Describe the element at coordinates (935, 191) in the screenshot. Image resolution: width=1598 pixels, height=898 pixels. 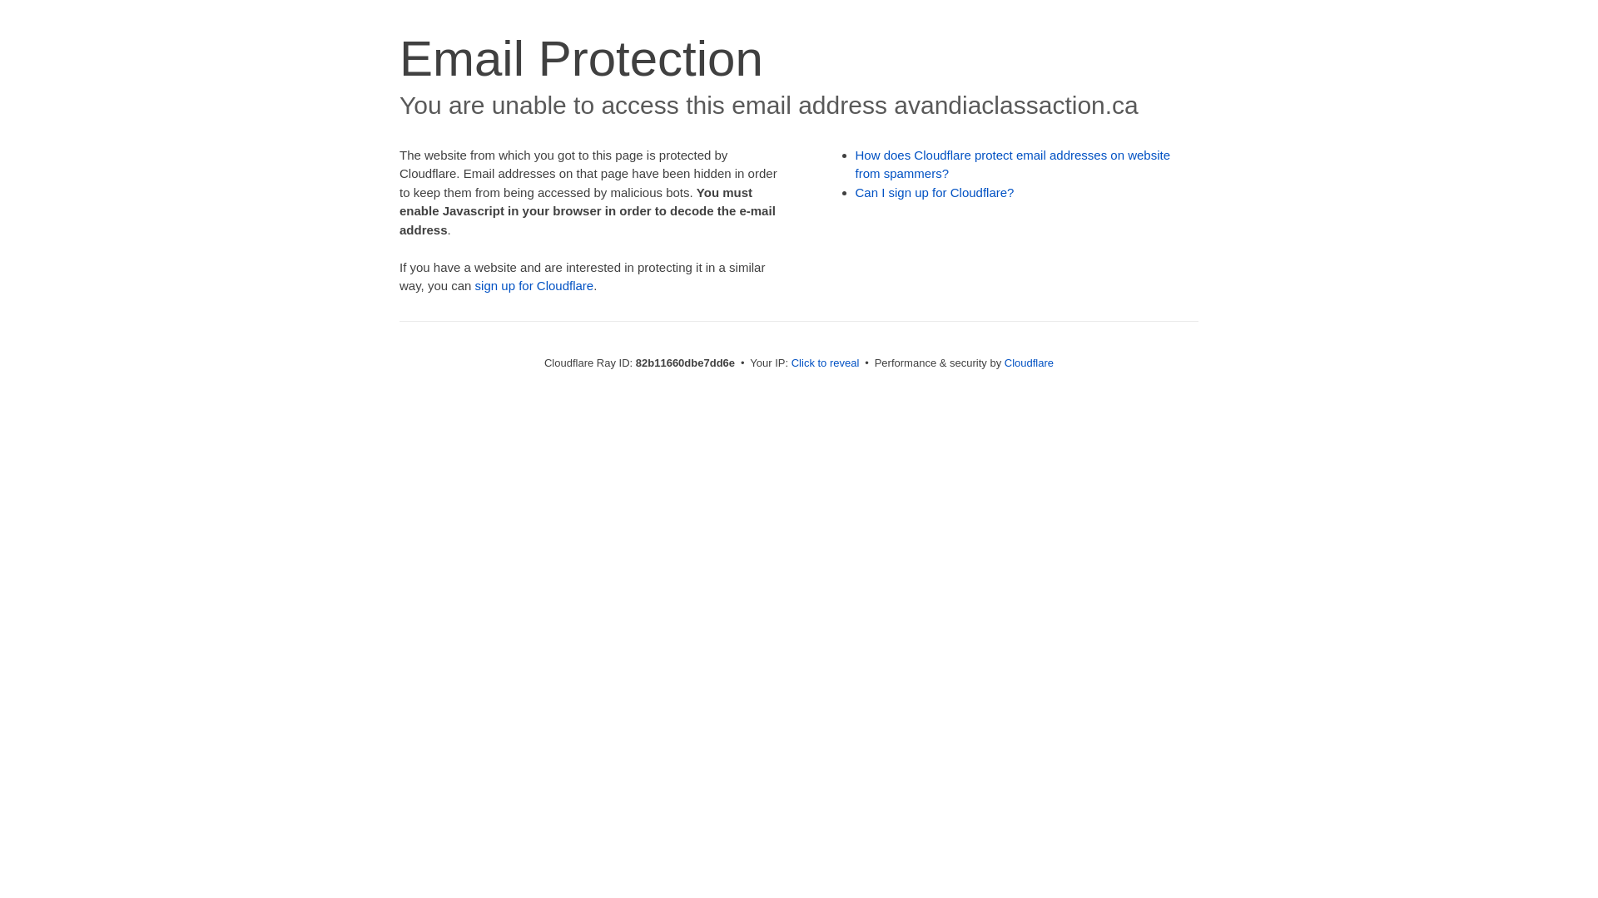
I see `'Can I sign up for Cloudflare?'` at that location.